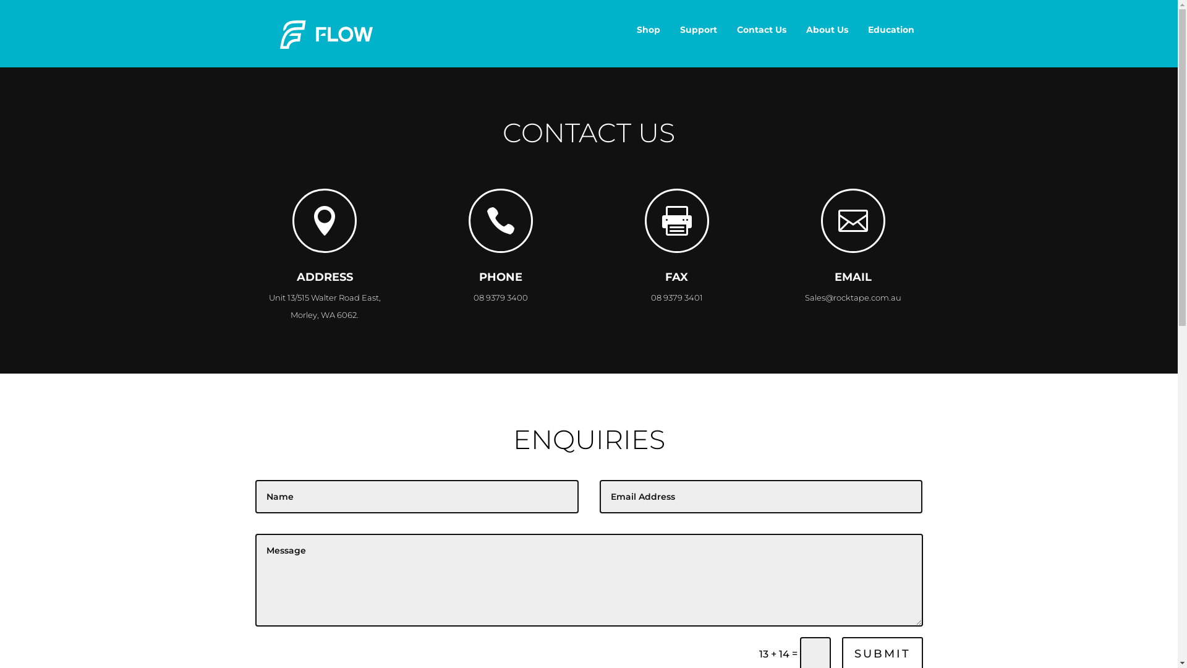 This screenshot has width=1187, height=668. Describe the element at coordinates (648, 28) in the screenshot. I see `'Shop'` at that location.